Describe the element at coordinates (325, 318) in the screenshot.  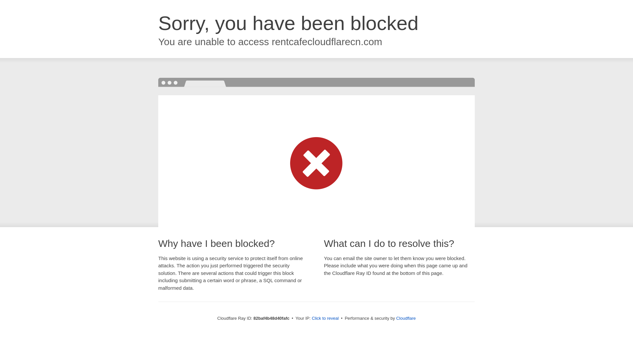
I see `'Click to reveal'` at that location.